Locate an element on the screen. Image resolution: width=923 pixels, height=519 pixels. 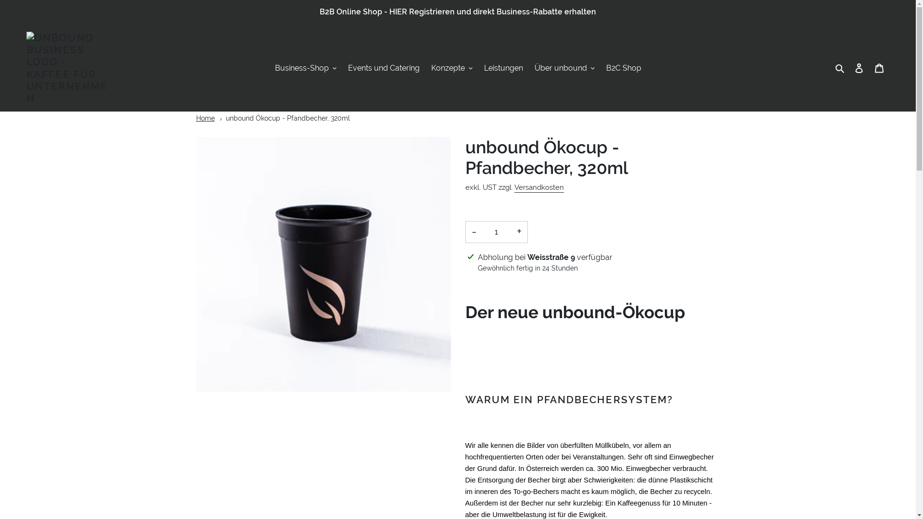
'Suchen' is located at coordinates (840, 68).